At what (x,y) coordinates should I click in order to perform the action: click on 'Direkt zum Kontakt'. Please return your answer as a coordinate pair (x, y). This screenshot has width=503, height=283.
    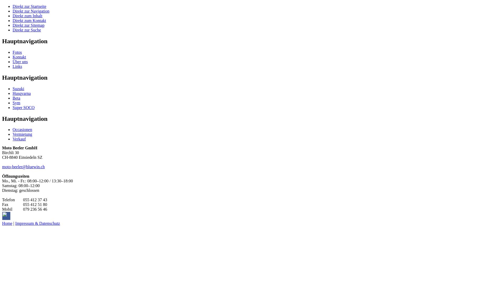
    Looking at the image, I should click on (29, 20).